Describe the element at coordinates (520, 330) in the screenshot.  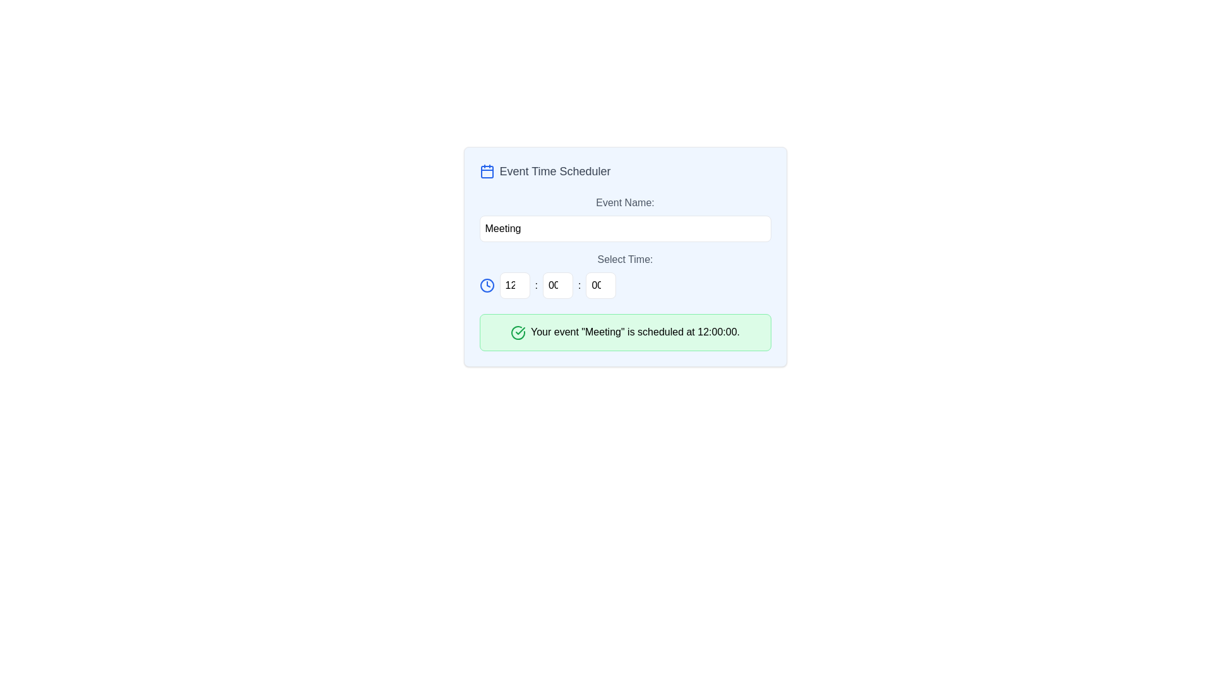
I see `the success confirmation checkmark icon located inside the green notification card at the bottom section of the interface` at that location.